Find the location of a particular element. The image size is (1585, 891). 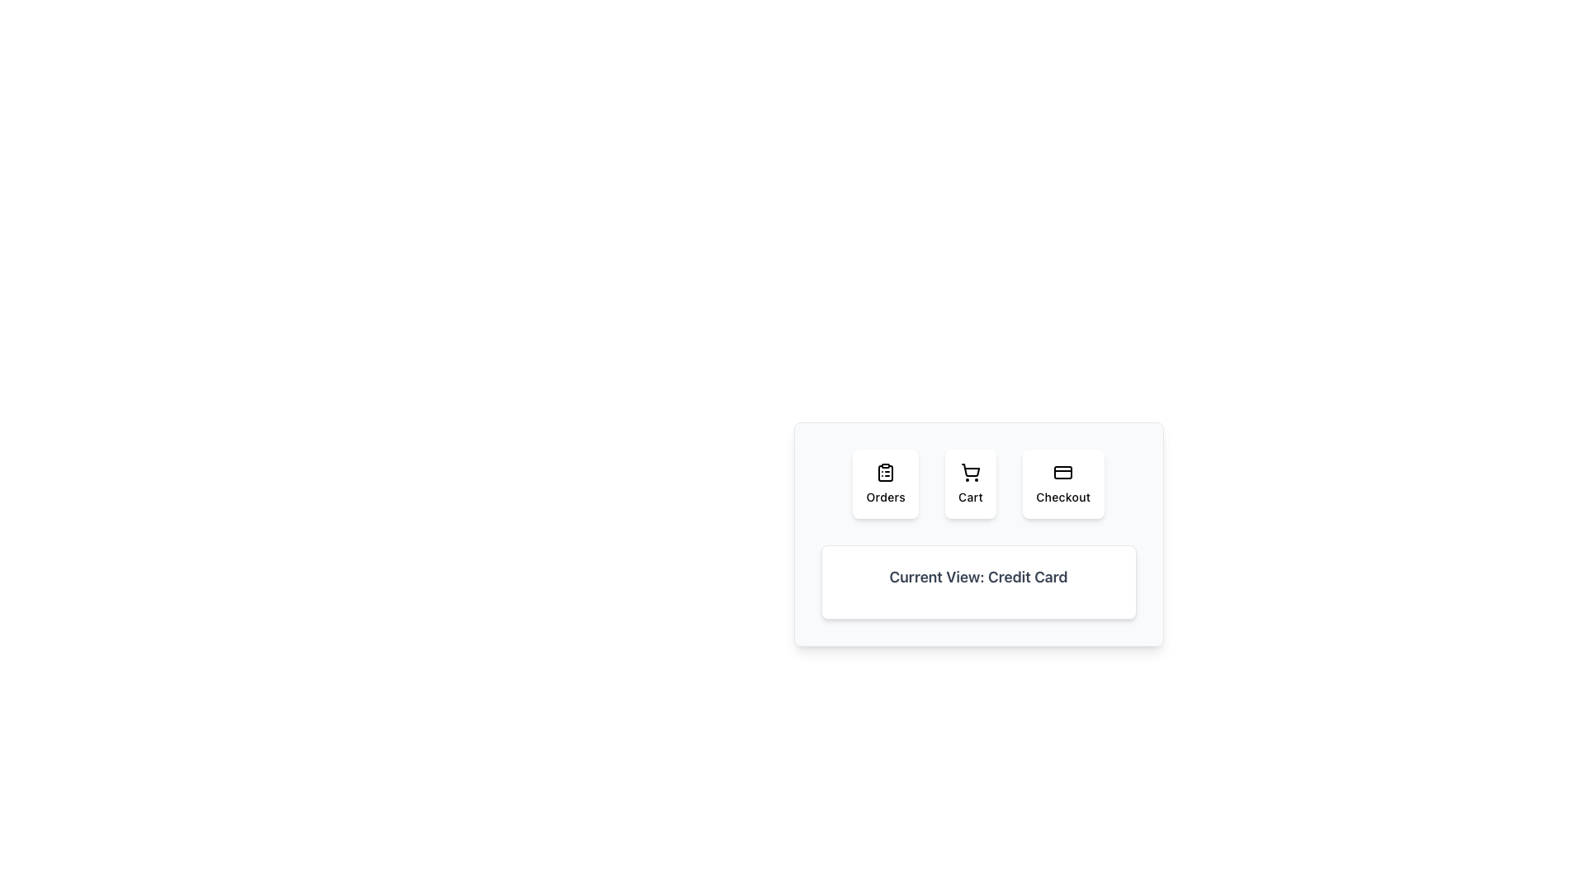

text label that serves as the title for the 'Orders' card, located below the clipboard icon in the top-left section of the interface is located at coordinates (885, 496).